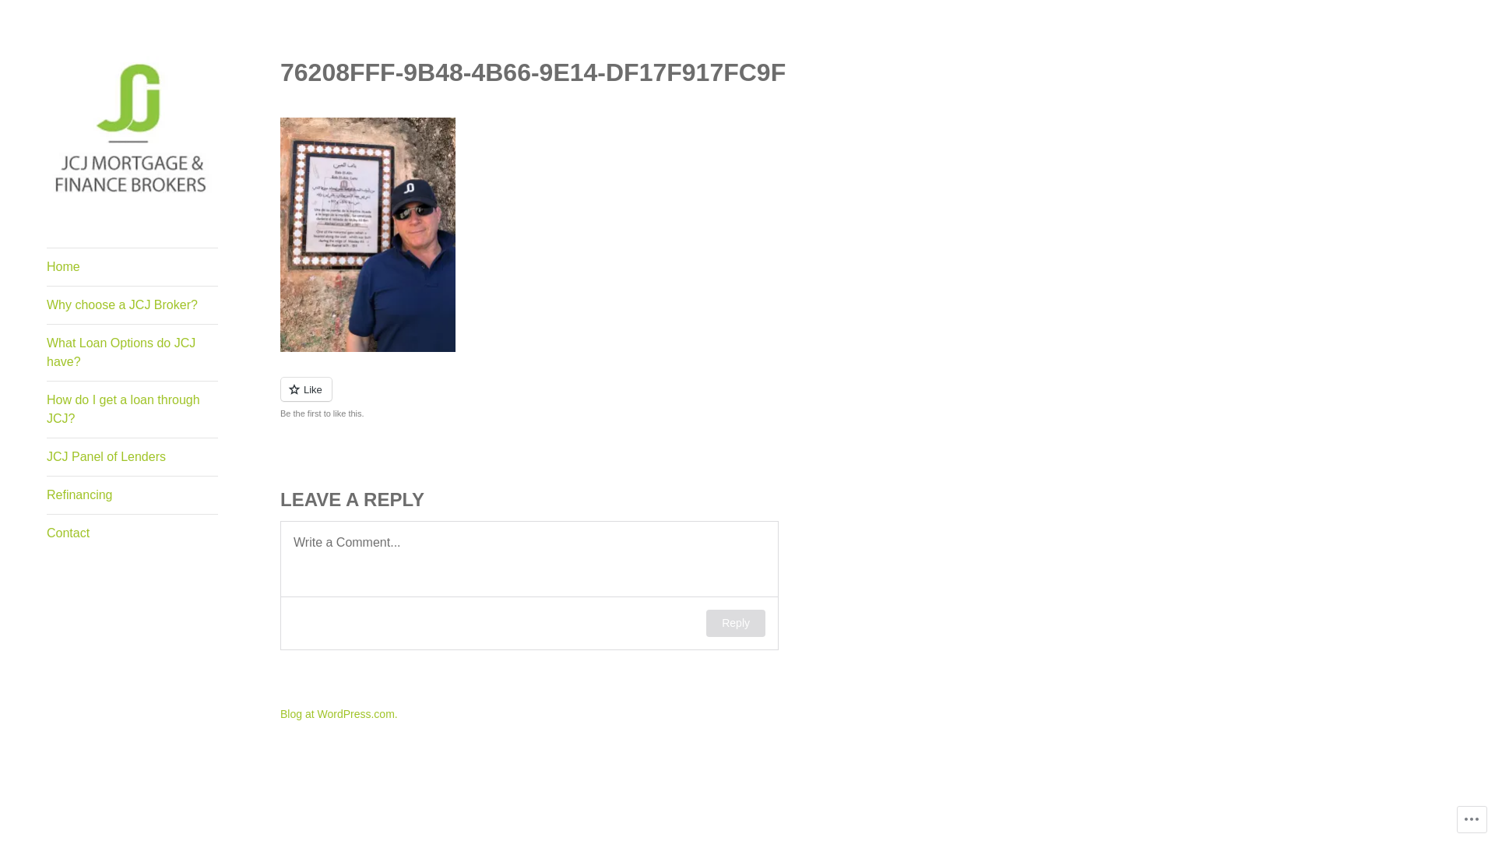 This screenshot has width=1495, height=841. I want to click on 'Why choose a JCJ Broker?', so click(132, 305).